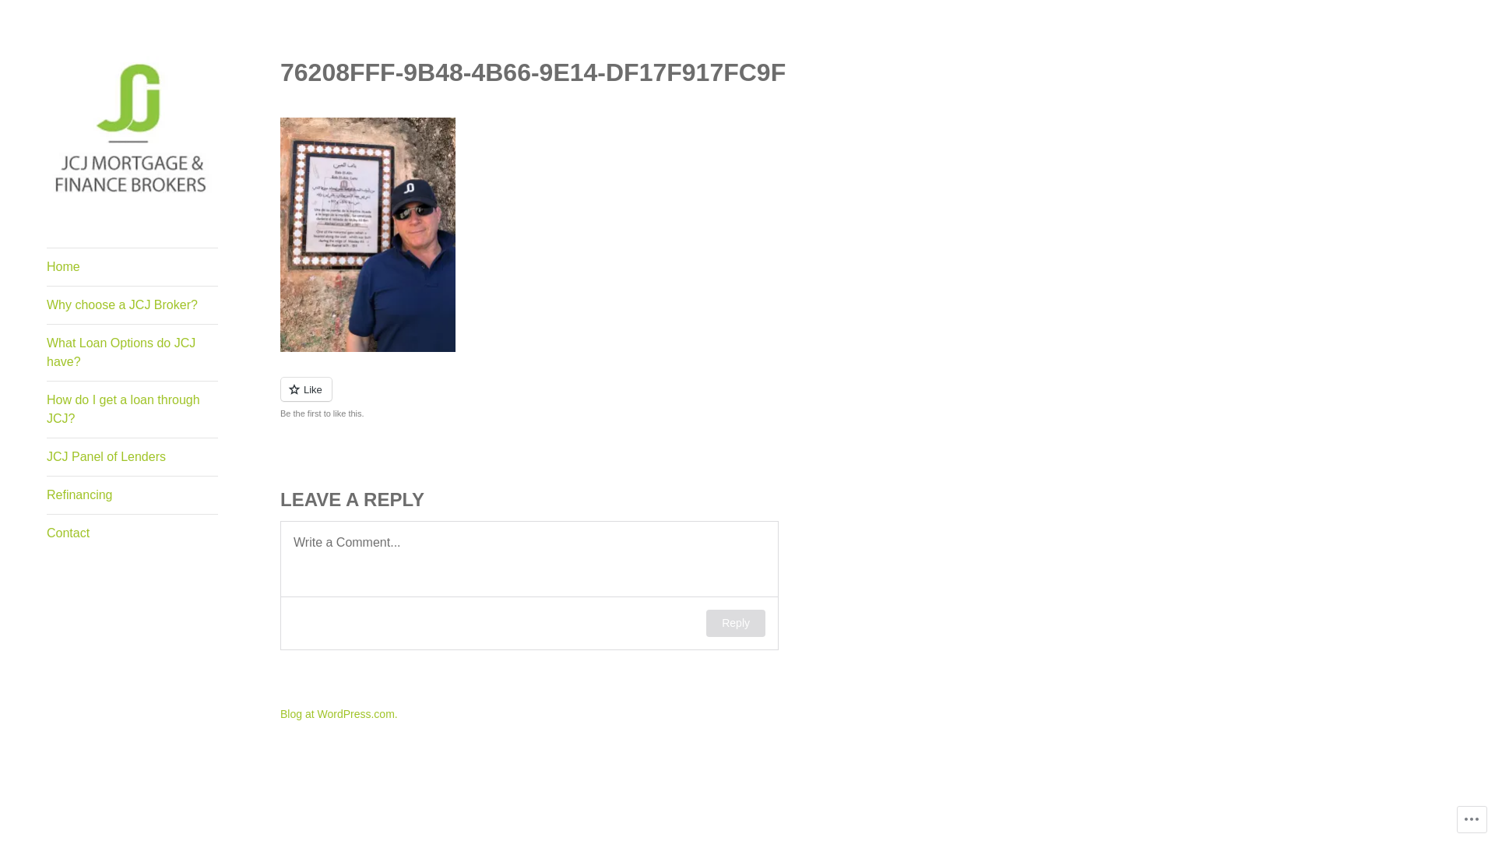 This screenshot has width=1495, height=841. I want to click on 'Why choose a JCJ Broker?', so click(132, 305).